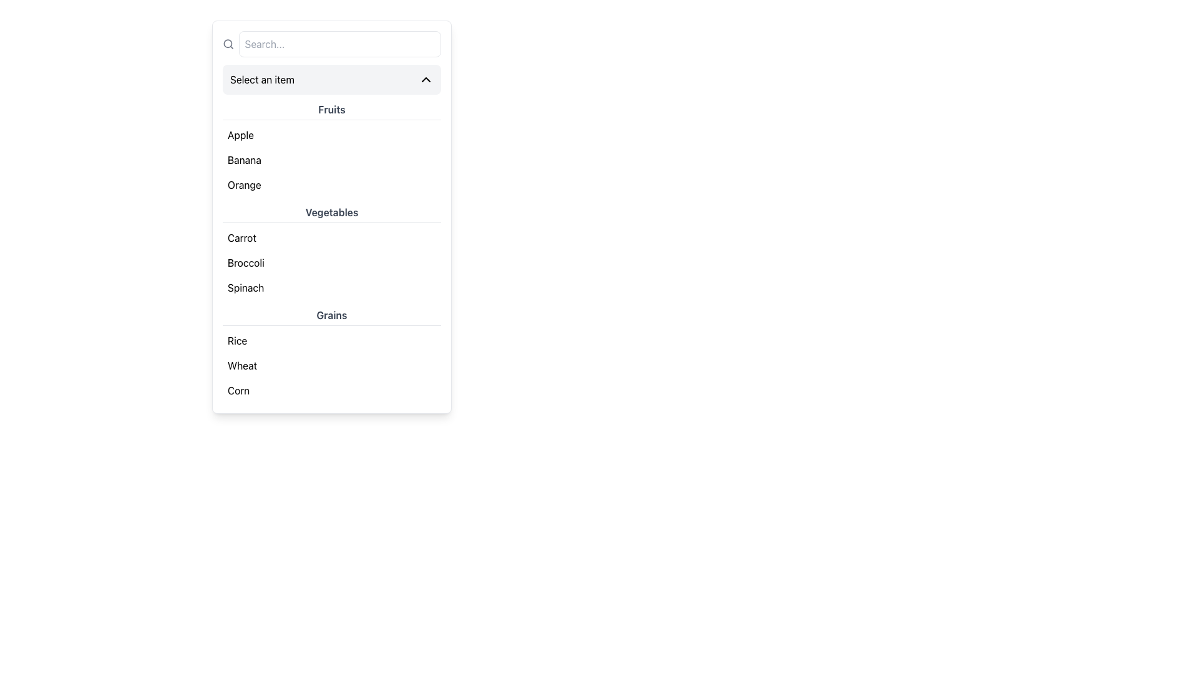 Image resolution: width=1198 pixels, height=673 pixels. I want to click on the 'Banana' item, so click(332, 149).